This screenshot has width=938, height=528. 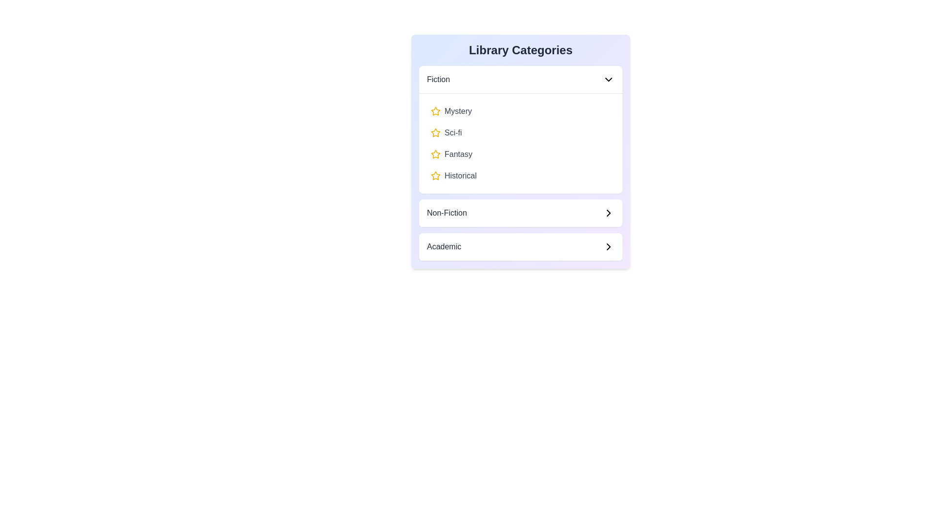 I want to click on the header of the category Fiction to expand or collapse it, so click(x=520, y=79).